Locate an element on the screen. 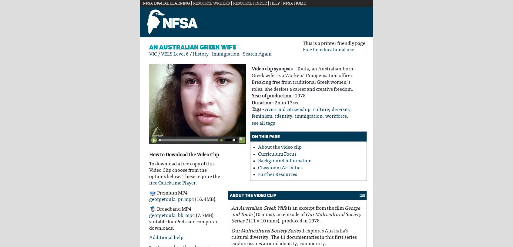  'This is a printer friendly page' is located at coordinates (334, 43).